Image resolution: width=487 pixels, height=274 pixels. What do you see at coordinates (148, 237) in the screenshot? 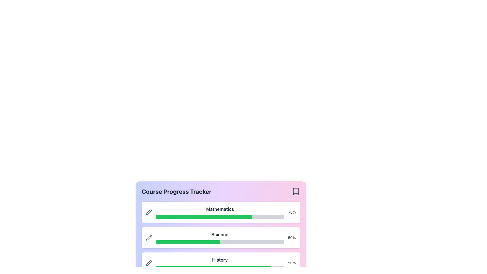
I see `the pencil icon` at bounding box center [148, 237].